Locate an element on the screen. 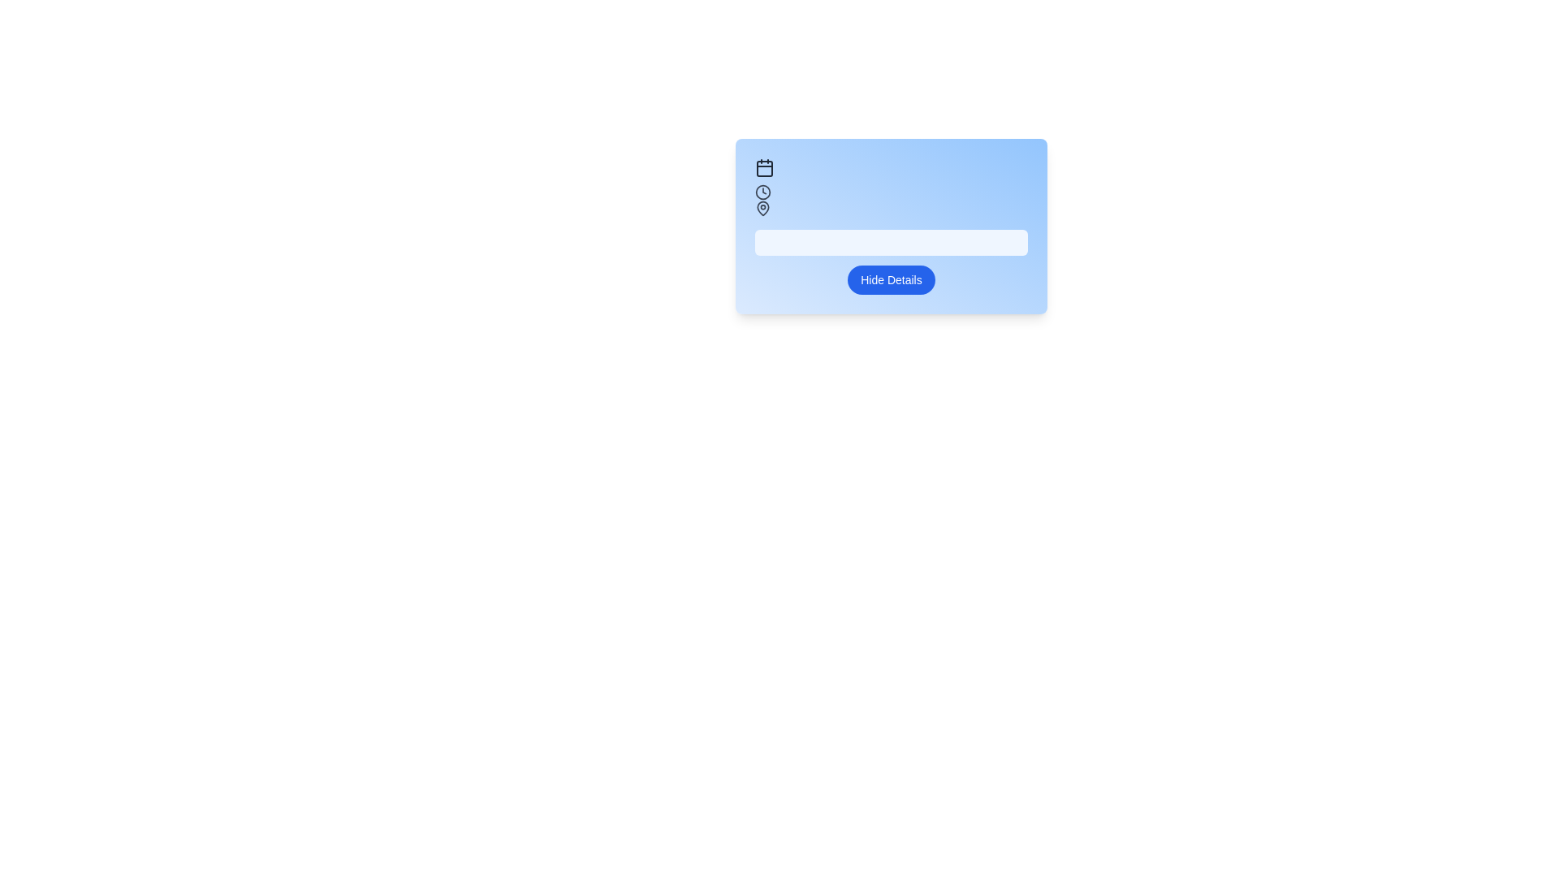 The height and width of the screenshot is (877, 1559). the interactive button located at the bottom of the card is located at coordinates (891, 279).